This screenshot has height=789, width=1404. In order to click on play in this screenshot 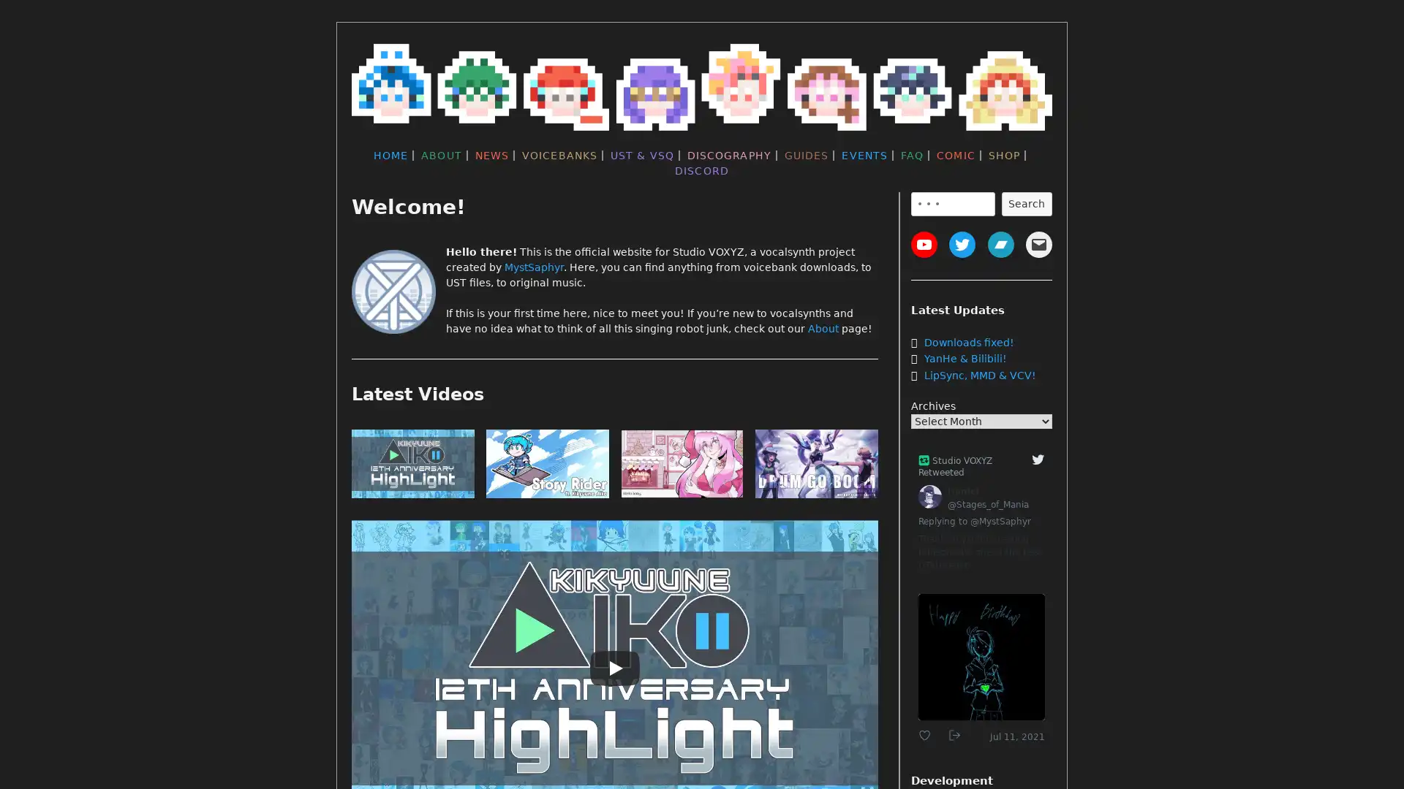, I will do `click(681, 467)`.